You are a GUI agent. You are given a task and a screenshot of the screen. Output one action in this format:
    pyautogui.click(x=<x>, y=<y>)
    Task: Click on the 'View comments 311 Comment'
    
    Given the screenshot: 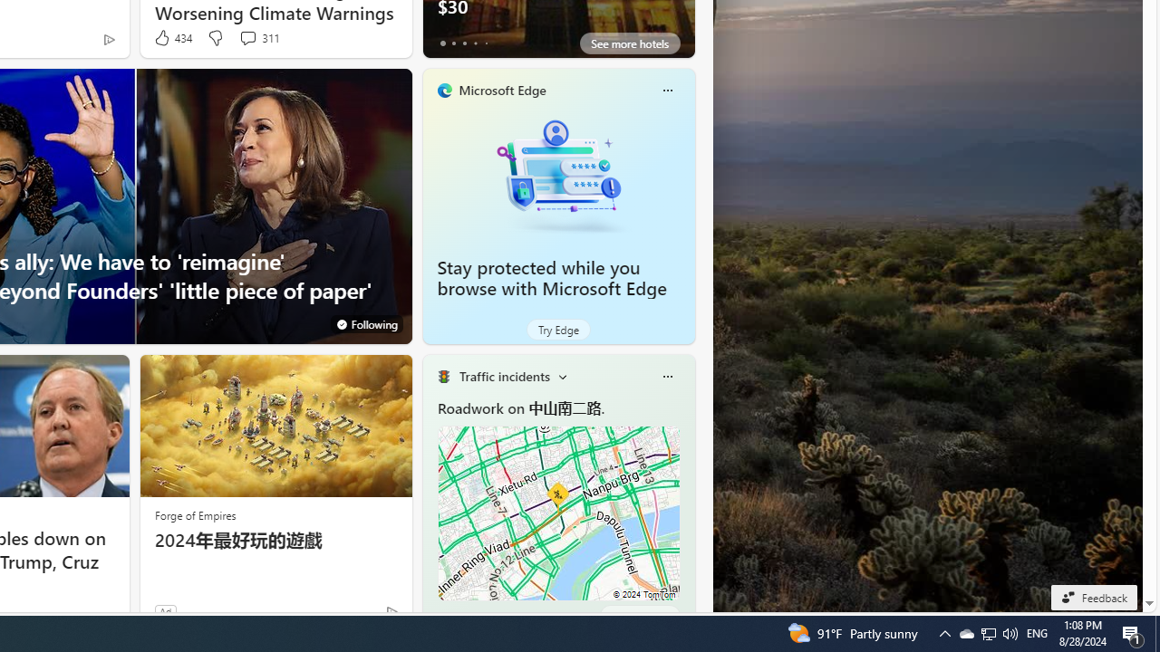 What is the action you would take?
    pyautogui.click(x=258, y=38)
    